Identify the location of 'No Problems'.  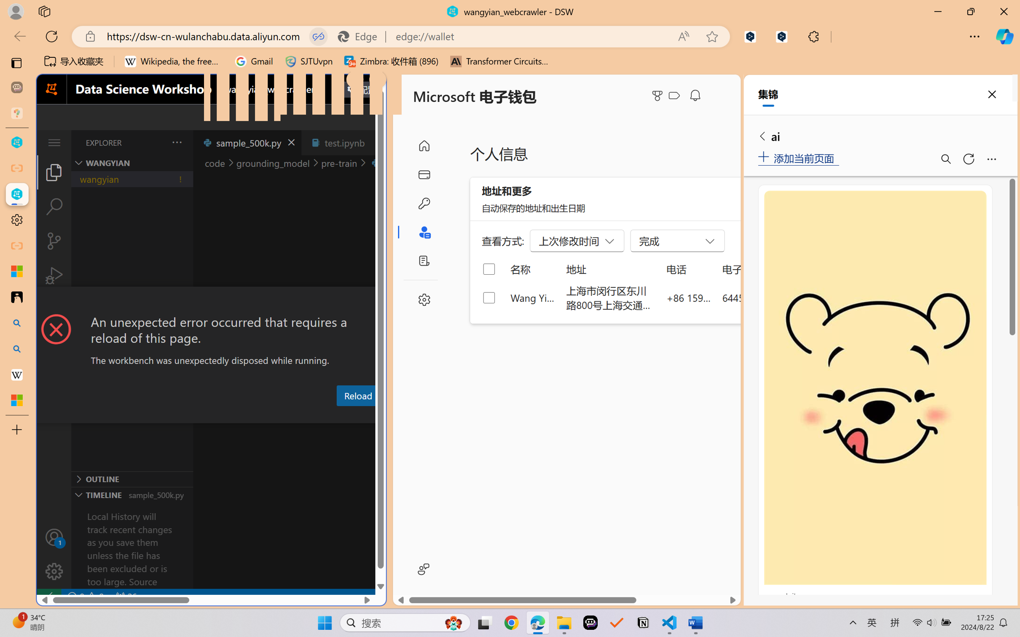
(84, 596).